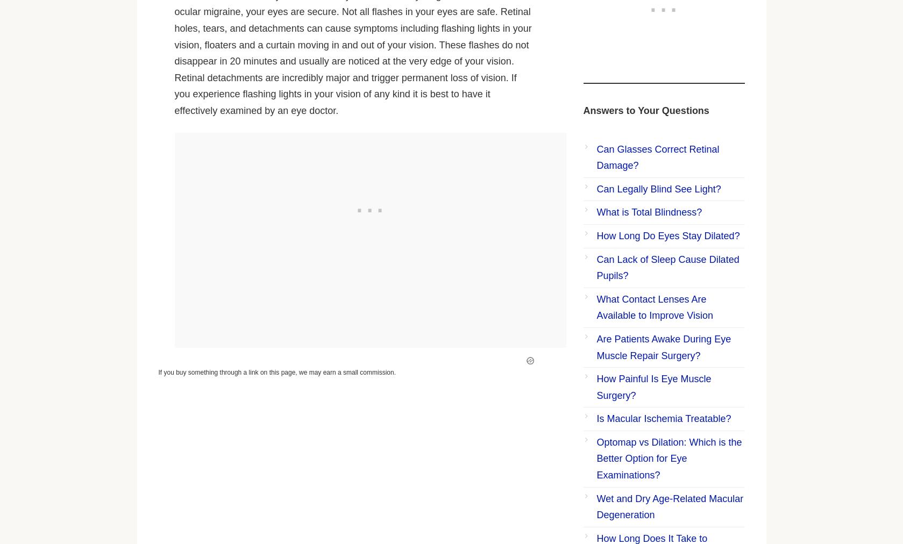 The image size is (903, 544). Describe the element at coordinates (668, 458) in the screenshot. I see `'Optomap vs Dilation: Which is the Better Option for Eye Examinations?'` at that location.